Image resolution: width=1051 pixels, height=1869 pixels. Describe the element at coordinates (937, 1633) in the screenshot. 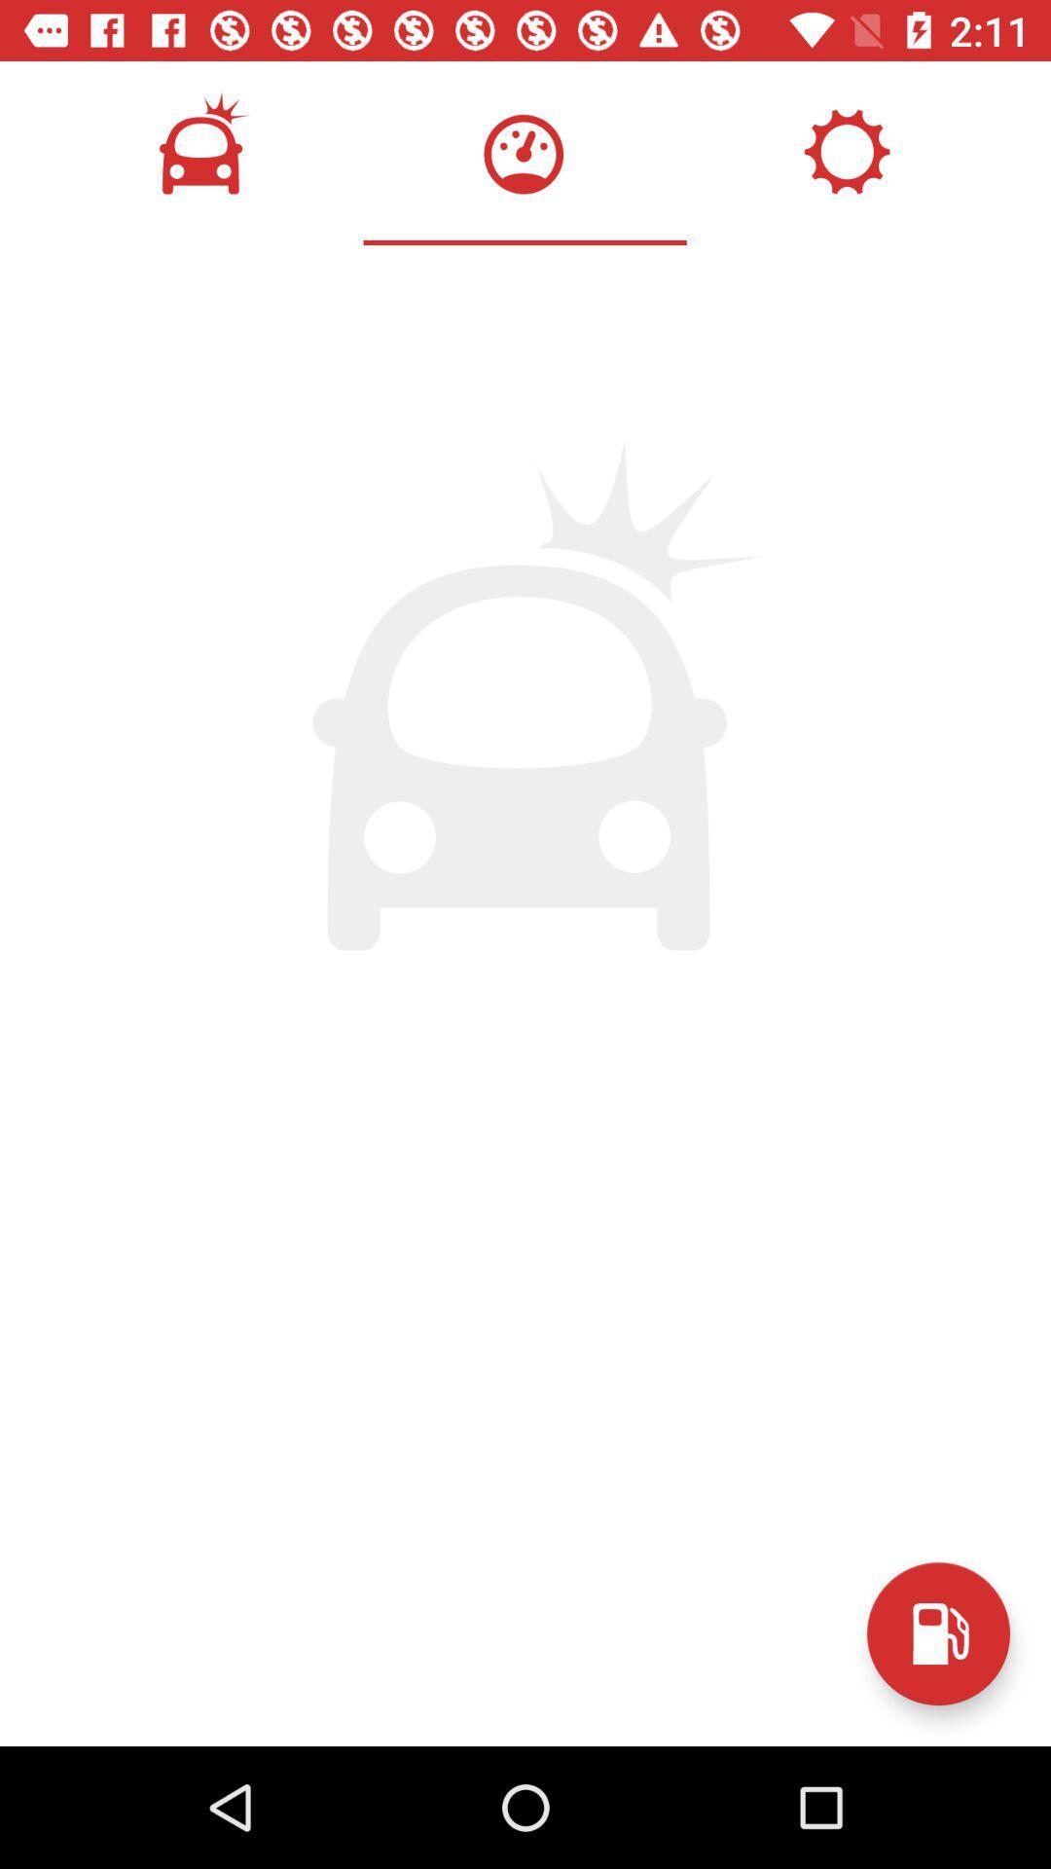

I see `pump gas option` at that location.